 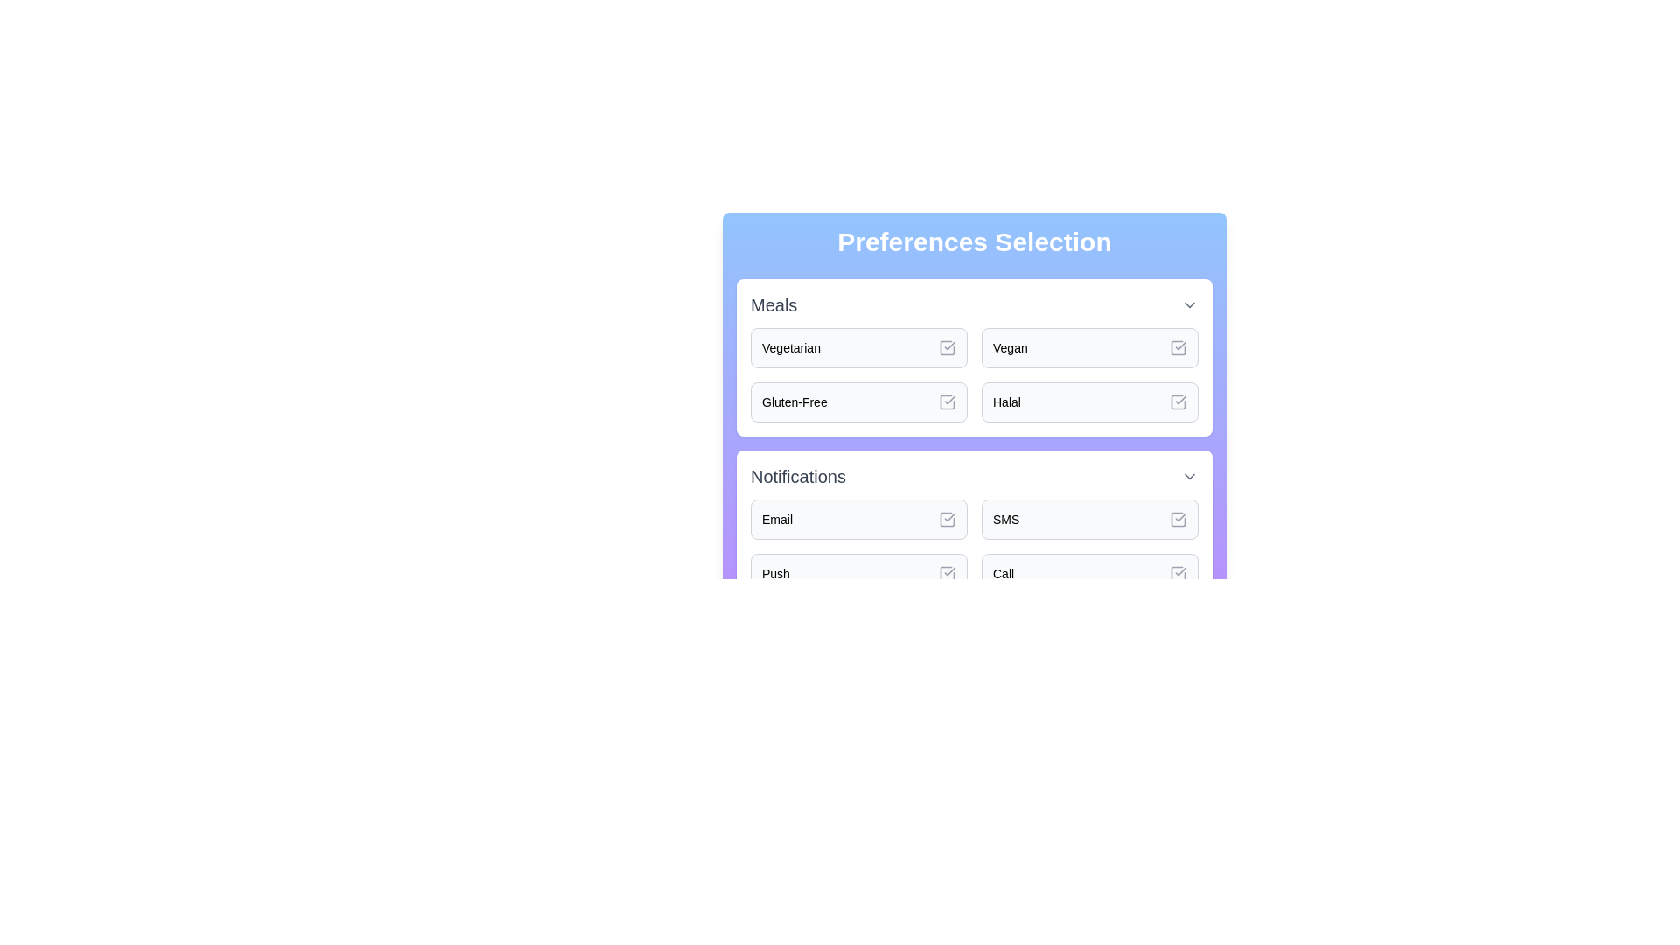 What do you see at coordinates (1179, 519) in the screenshot?
I see `the 'SMS' notification preference checkbox` at bounding box center [1179, 519].